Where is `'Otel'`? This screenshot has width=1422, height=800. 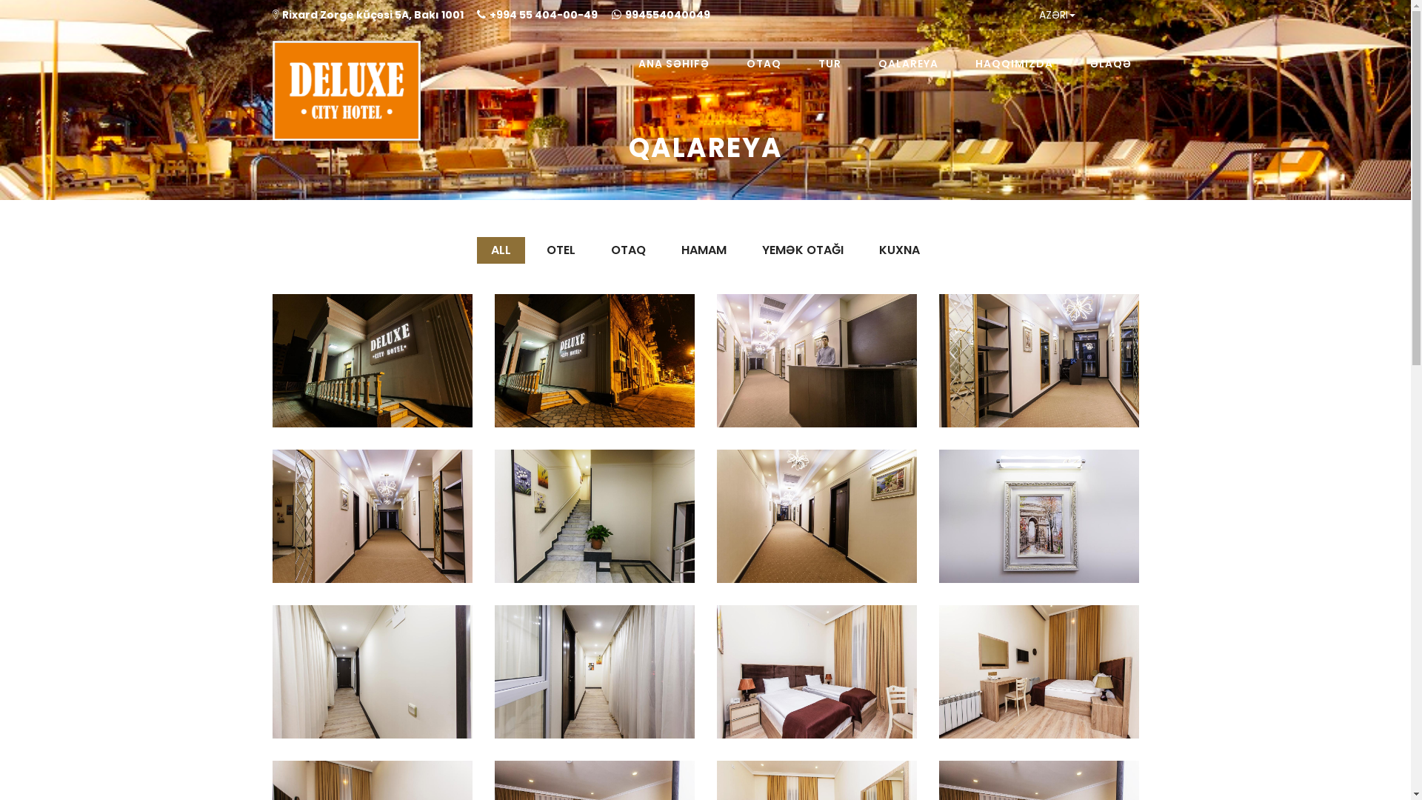
'Otel' is located at coordinates (373, 671).